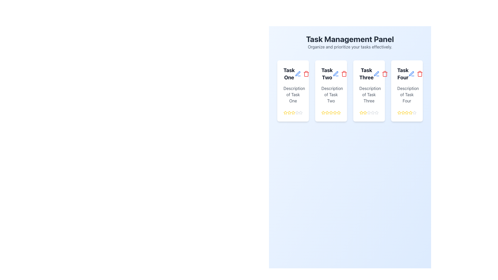 This screenshot has height=280, width=498. I want to click on the main header text located centrally near the top of the page in the task management application, so click(350, 39).